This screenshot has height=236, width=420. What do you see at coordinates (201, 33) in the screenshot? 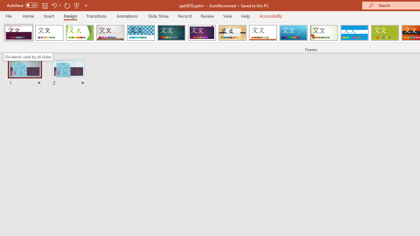
I see `'Ion Boardroom'` at bounding box center [201, 33].